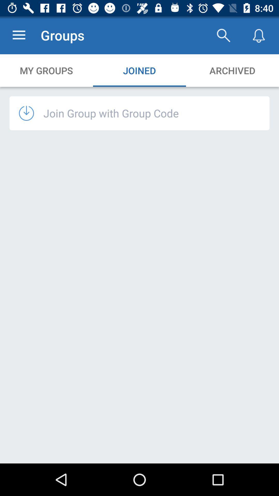 The width and height of the screenshot is (279, 496). I want to click on the item next to groups, so click(19, 35).